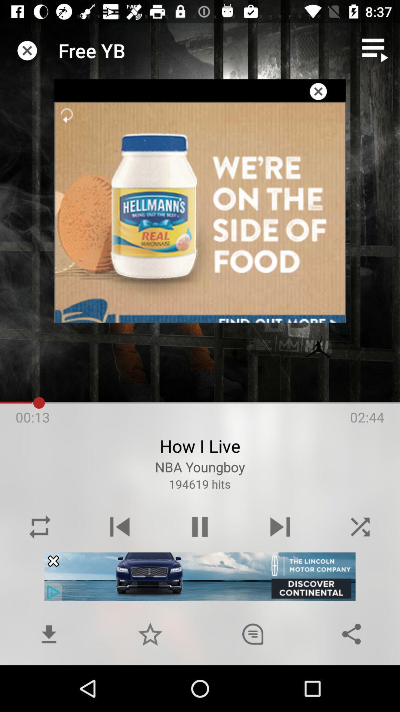 The height and width of the screenshot is (712, 400). I want to click on the close icon, so click(360, 527).